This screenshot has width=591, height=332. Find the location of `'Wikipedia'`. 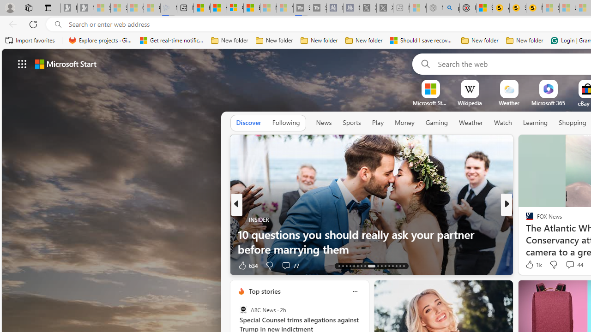

'Wikipedia' is located at coordinates (470, 103).